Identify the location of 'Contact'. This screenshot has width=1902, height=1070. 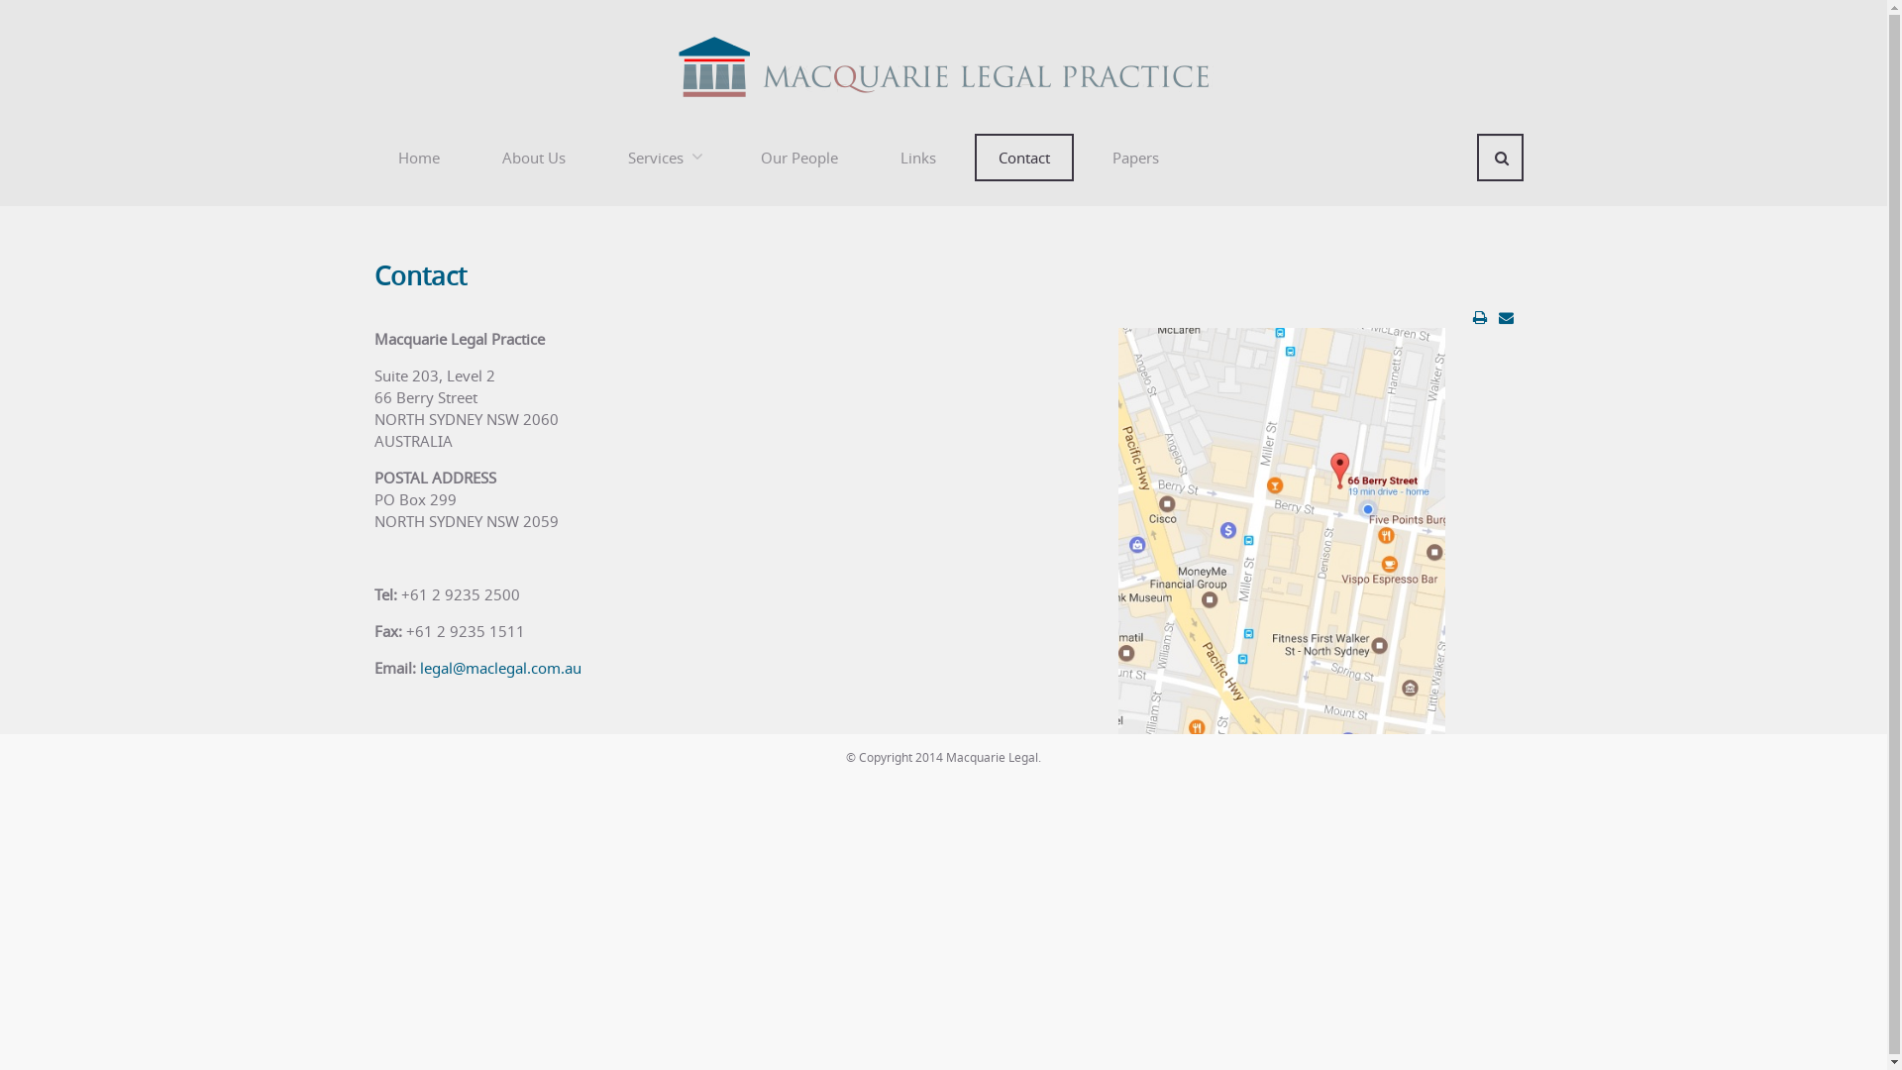
(976, 156).